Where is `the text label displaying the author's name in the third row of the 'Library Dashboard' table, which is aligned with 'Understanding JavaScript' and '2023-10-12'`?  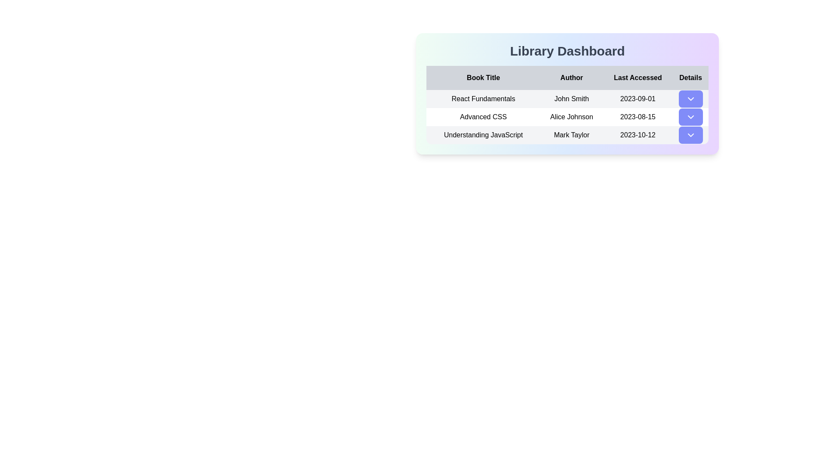 the text label displaying the author's name in the third row of the 'Library Dashboard' table, which is aligned with 'Understanding JavaScript' and '2023-10-12' is located at coordinates (572, 135).